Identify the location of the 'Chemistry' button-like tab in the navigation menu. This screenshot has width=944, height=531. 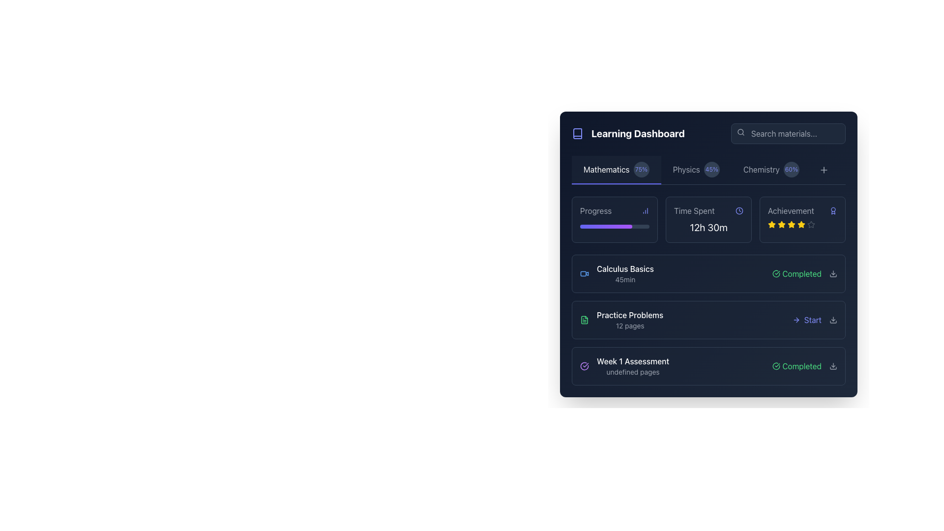
(770, 170).